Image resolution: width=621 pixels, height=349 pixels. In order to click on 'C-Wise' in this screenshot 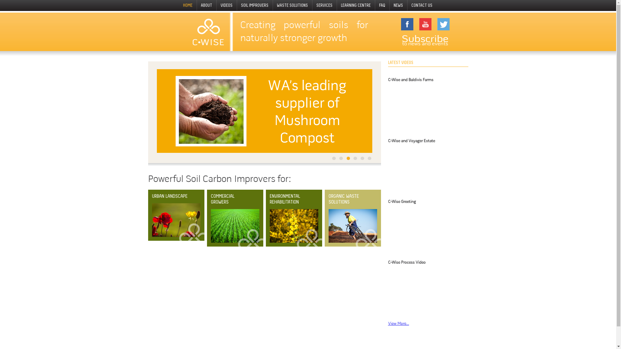, I will do `click(208, 32)`.